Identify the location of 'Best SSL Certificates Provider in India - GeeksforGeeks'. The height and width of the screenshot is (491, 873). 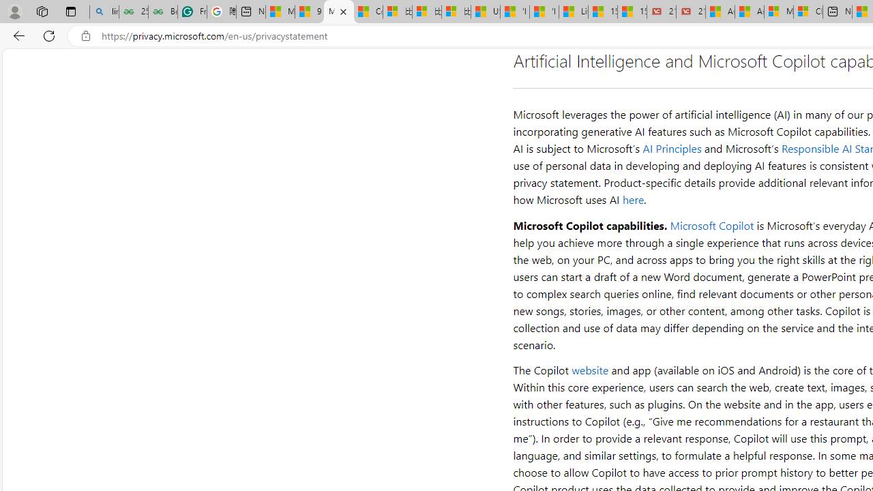
(162, 12).